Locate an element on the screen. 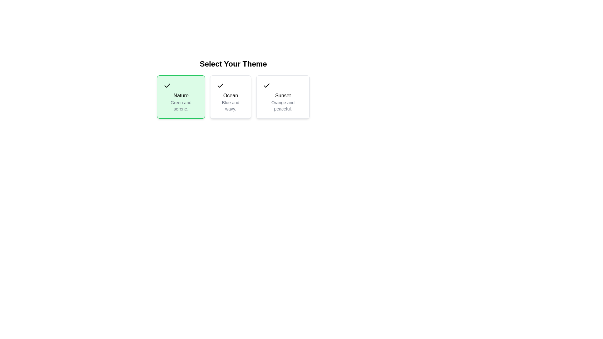 Image resolution: width=603 pixels, height=339 pixels. the state of the checkmark symbol located in the second item of the horizontal list of three selectable themes under 'Ocean - Blue and wavy' is located at coordinates (220, 85).